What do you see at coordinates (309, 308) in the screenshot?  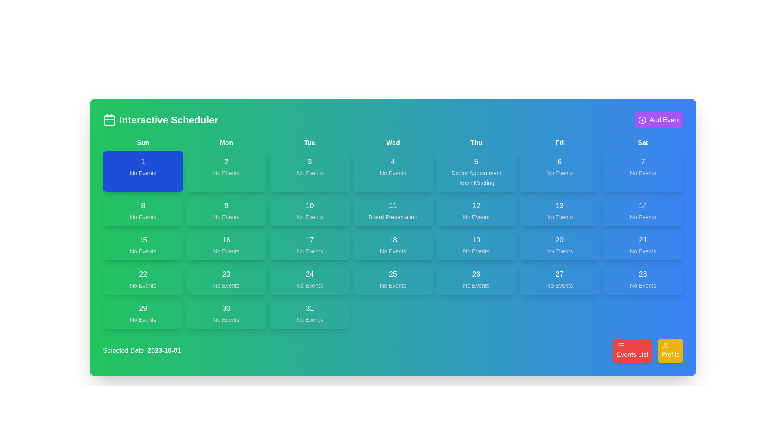 I see `the centered number '31' displayed in white text at the top half of the last column in the interactive scheduler's grid layout` at bounding box center [309, 308].